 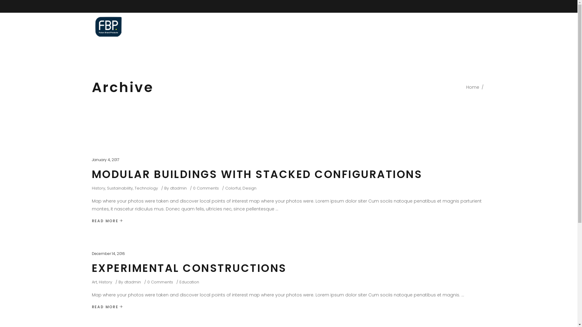 I want to click on 'Education', so click(x=189, y=282).